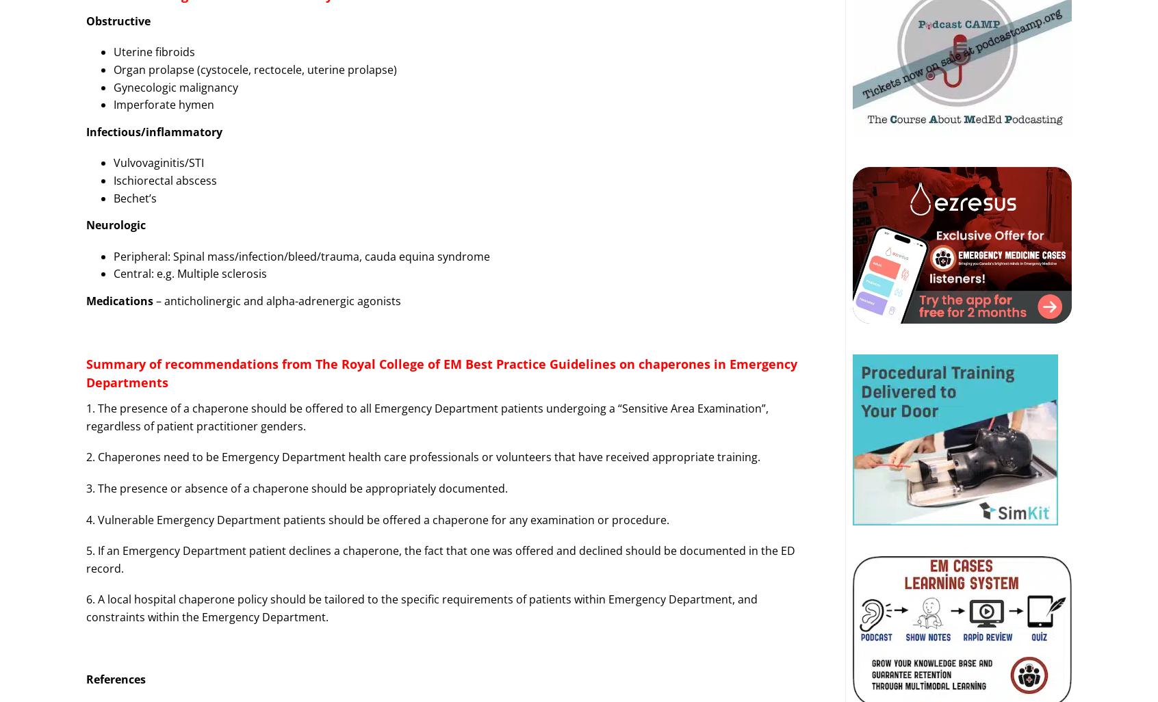 This screenshot has width=1158, height=702. Describe the element at coordinates (300, 256) in the screenshot. I see `'Peripheral: Spinal mass/infection/bleed/trauma, cauda equina syndrome'` at that location.